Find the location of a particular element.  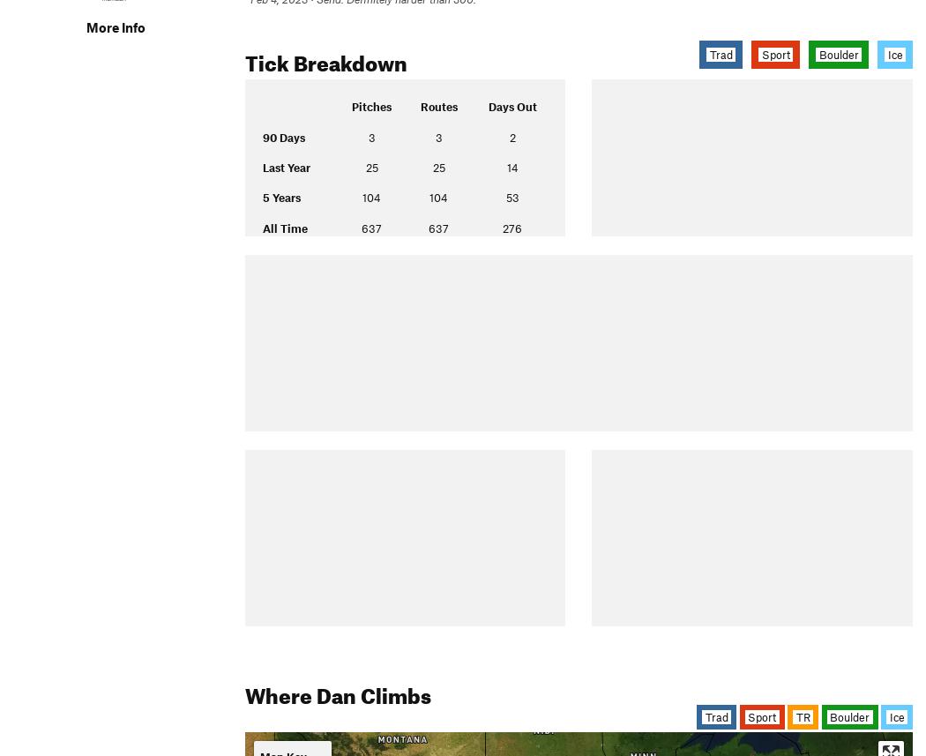

'TR' is located at coordinates (803, 716).